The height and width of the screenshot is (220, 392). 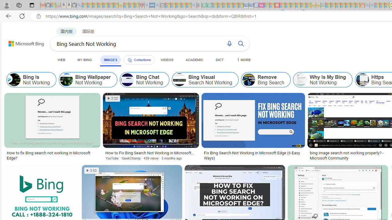 I want to click on 'Bing Chat Not Working', so click(x=127, y=79).